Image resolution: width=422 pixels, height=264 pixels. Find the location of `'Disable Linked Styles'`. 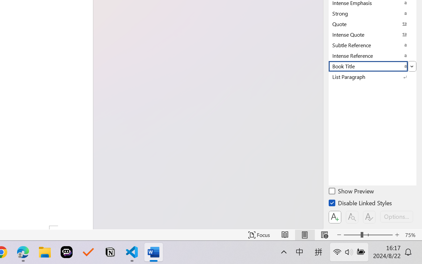

'Disable Linked Styles' is located at coordinates (361, 204).